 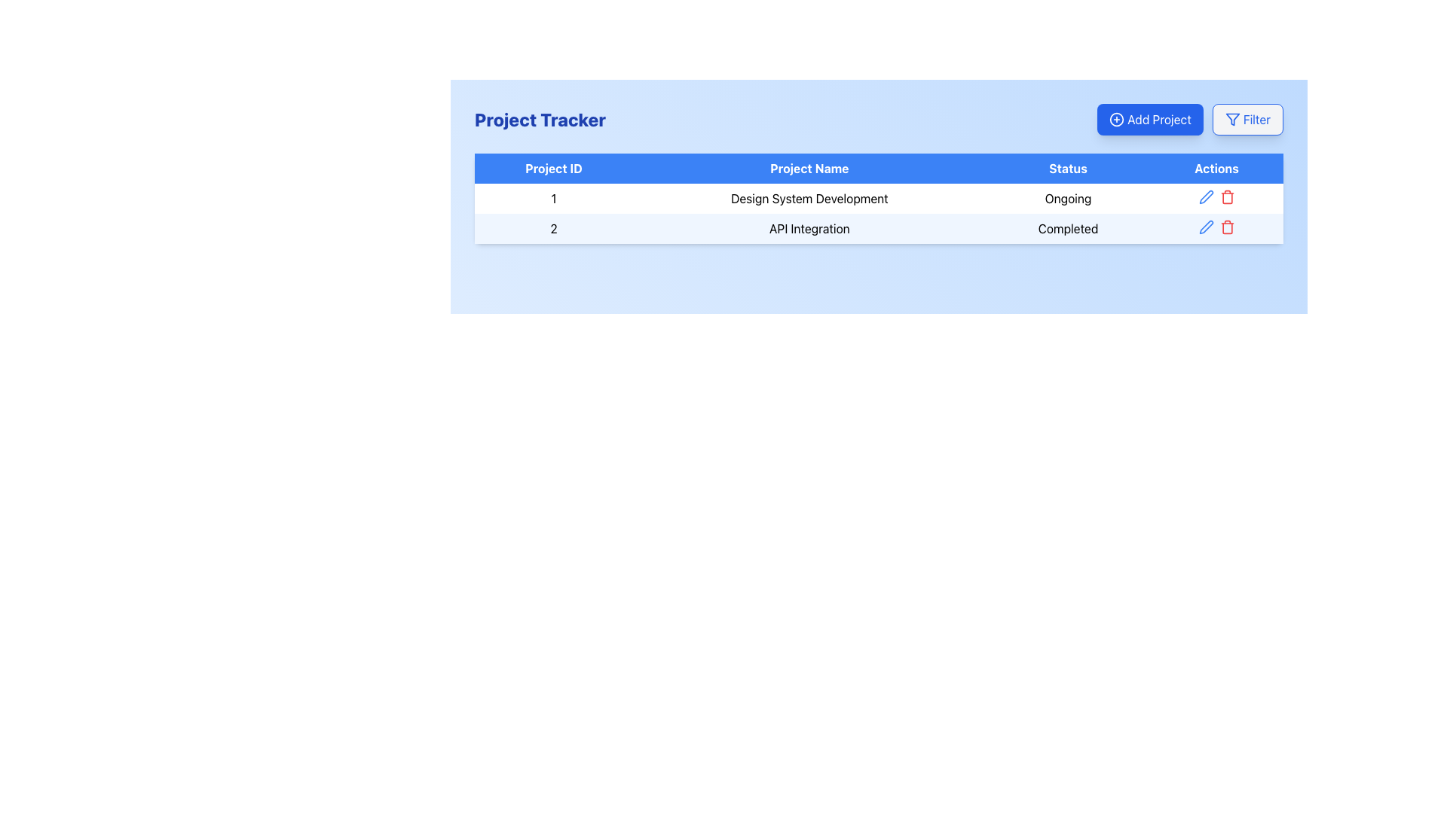 I want to click on text displayed in the bold numeral '2' located in the second row and first column of the table, so click(x=552, y=229).